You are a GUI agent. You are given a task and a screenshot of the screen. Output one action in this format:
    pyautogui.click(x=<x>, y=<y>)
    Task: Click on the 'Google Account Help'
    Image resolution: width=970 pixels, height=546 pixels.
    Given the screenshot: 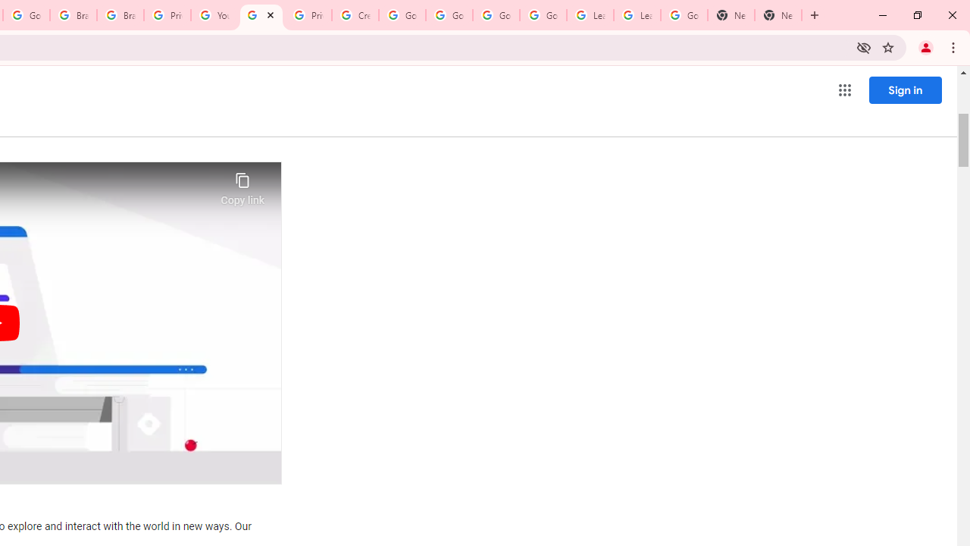 What is the action you would take?
    pyautogui.click(x=402, y=15)
    